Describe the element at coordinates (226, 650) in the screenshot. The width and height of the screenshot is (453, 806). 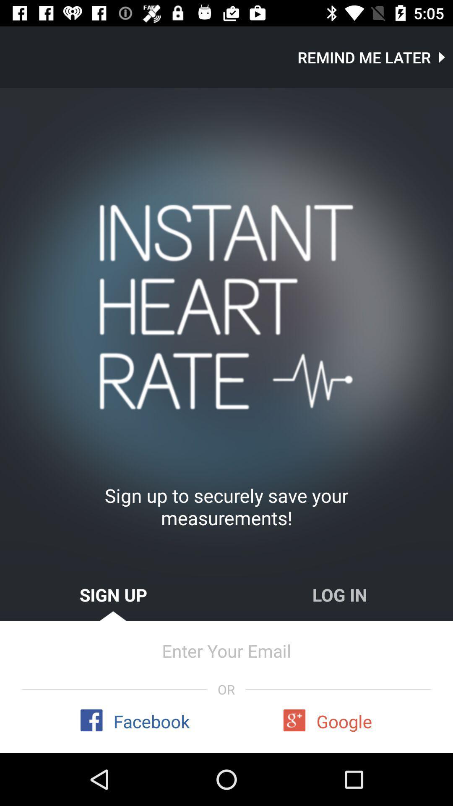
I see `the enter your email` at that location.